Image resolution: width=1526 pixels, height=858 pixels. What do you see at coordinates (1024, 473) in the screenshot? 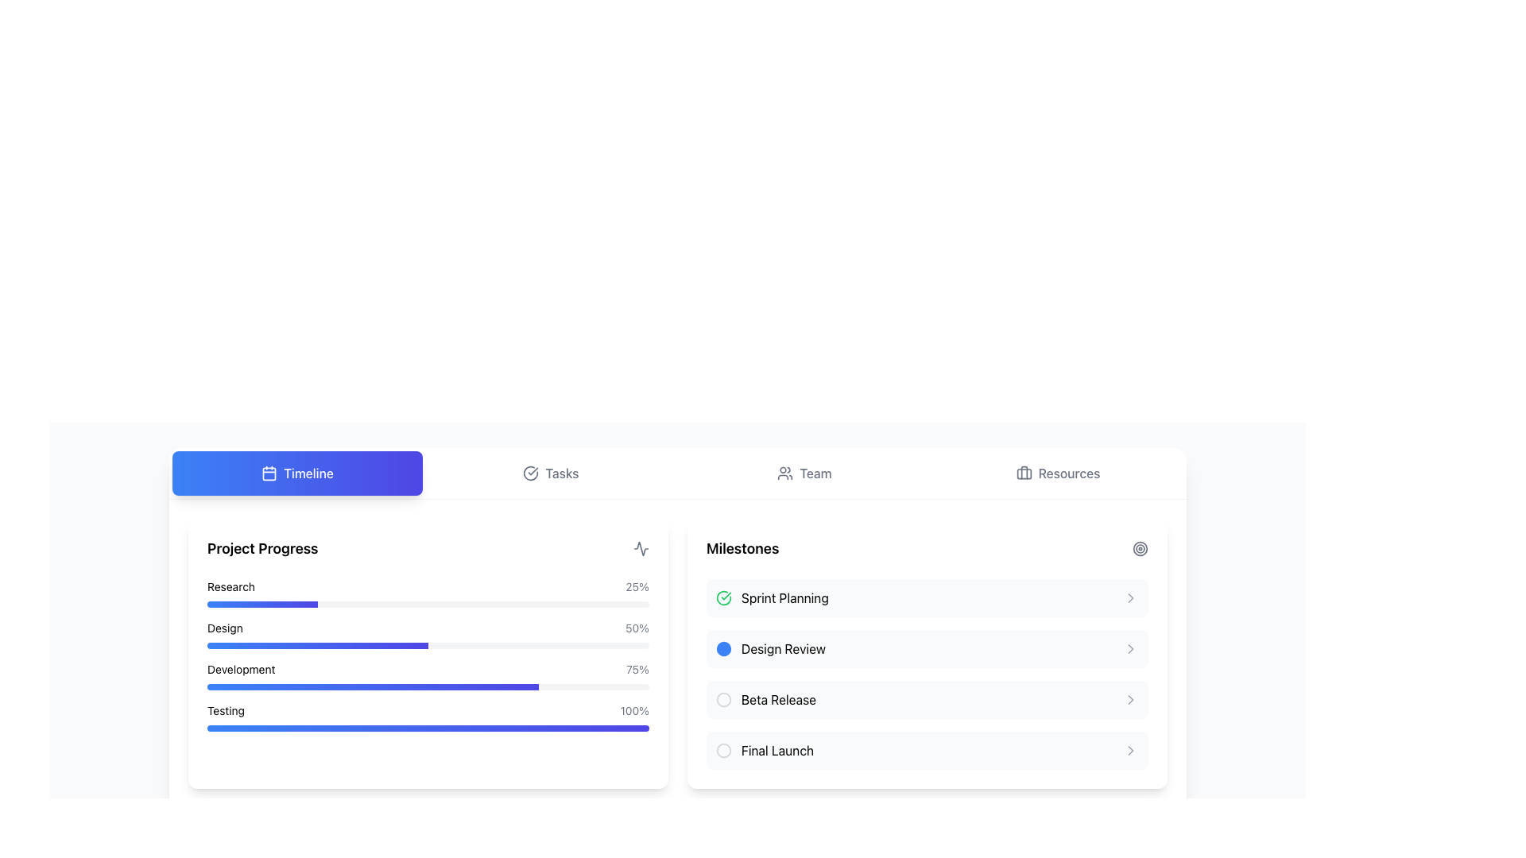
I see `the inner rectangular part of the briefcase icon represented by the SVG Rectangle with slightly rounded corners` at bounding box center [1024, 473].